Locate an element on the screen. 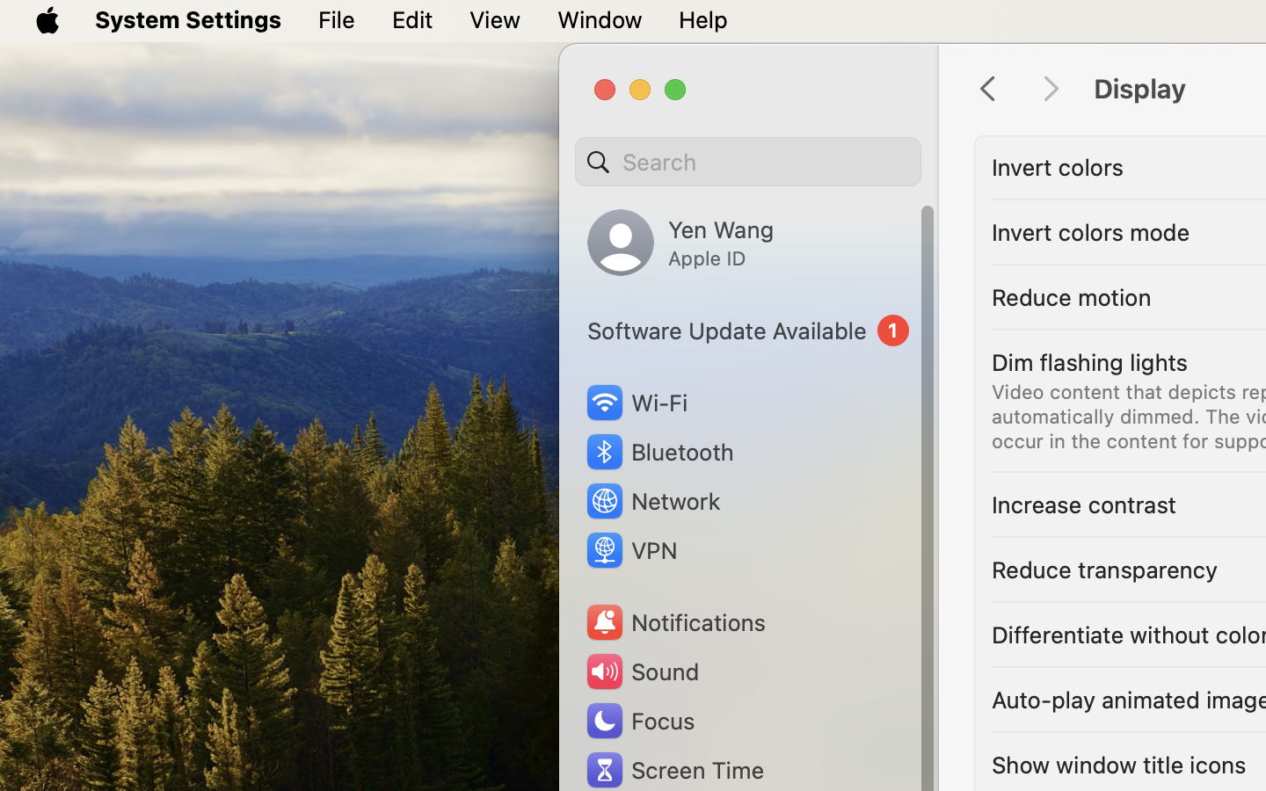 The width and height of the screenshot is (1266, 791). 'Wi‑Fi' is located at coordinates (635, 402).